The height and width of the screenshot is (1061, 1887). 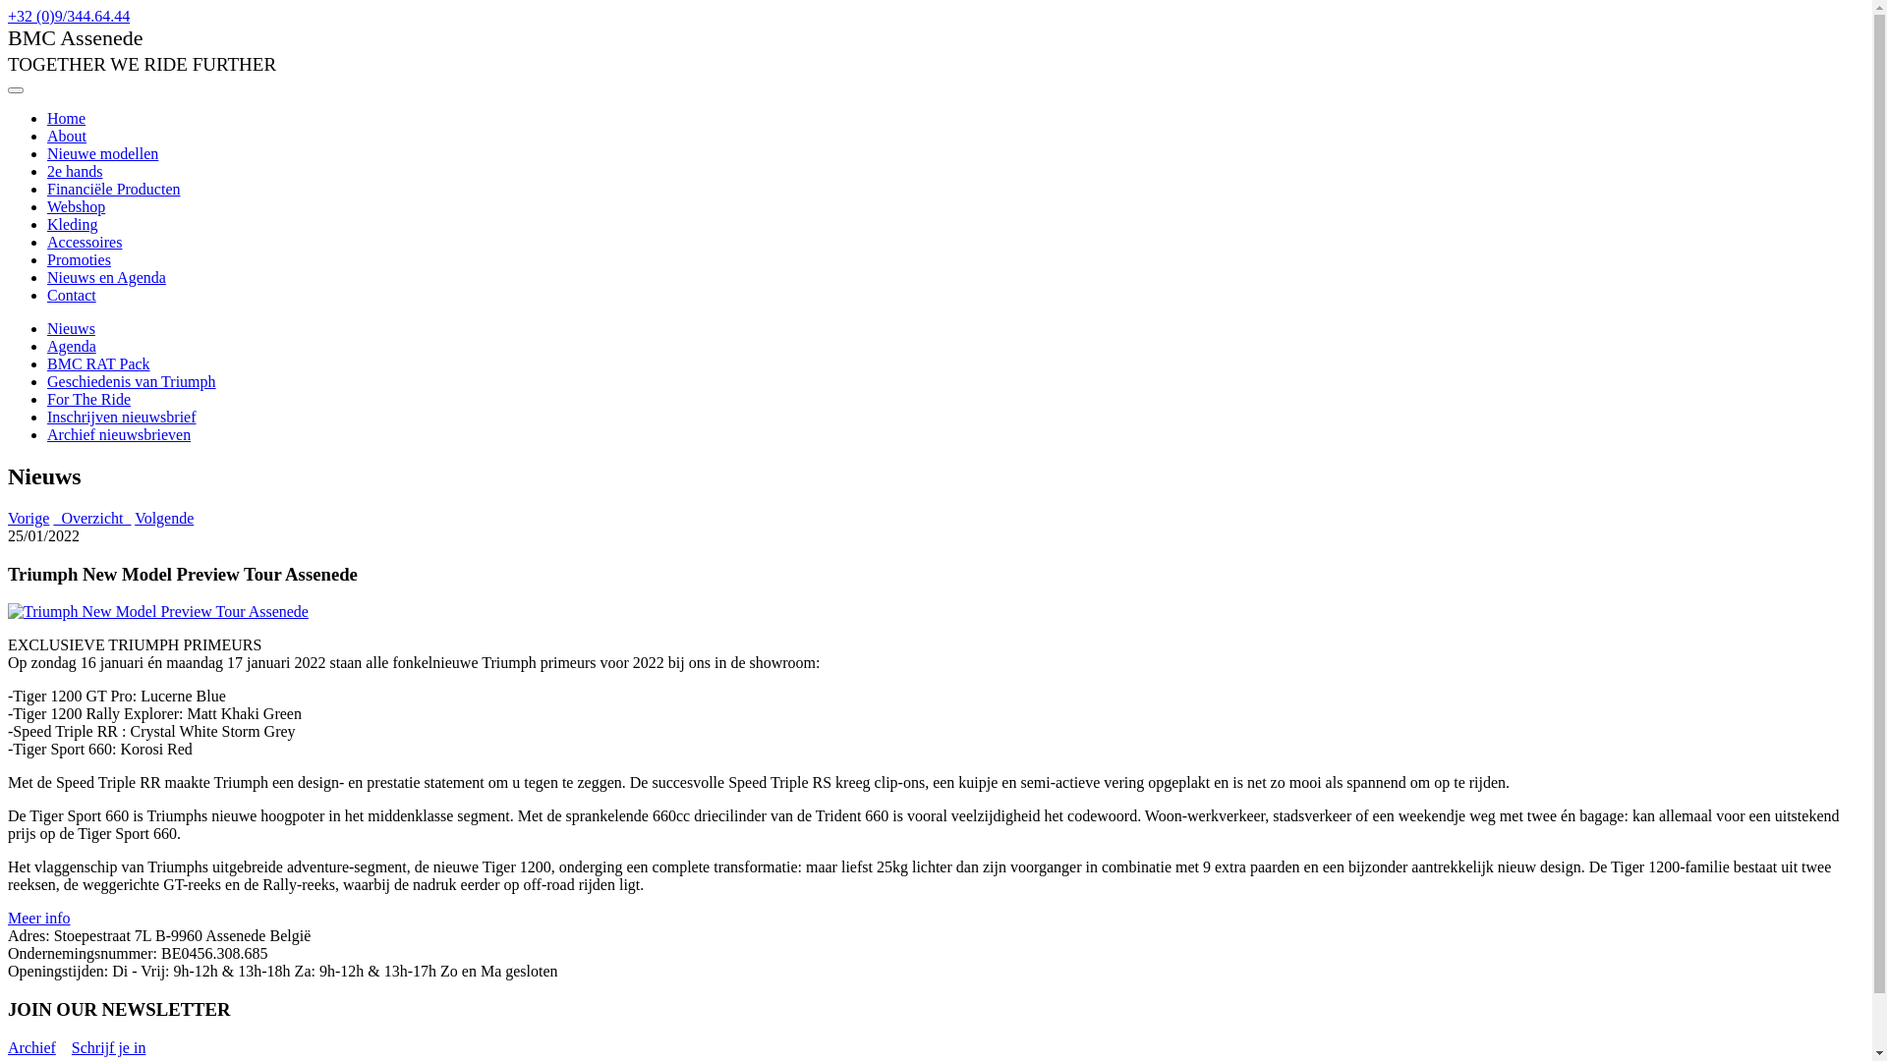 What do you see at coordinates (47, 135) in the screenshot?
I see `'About'` at bounding box center [47, 135].